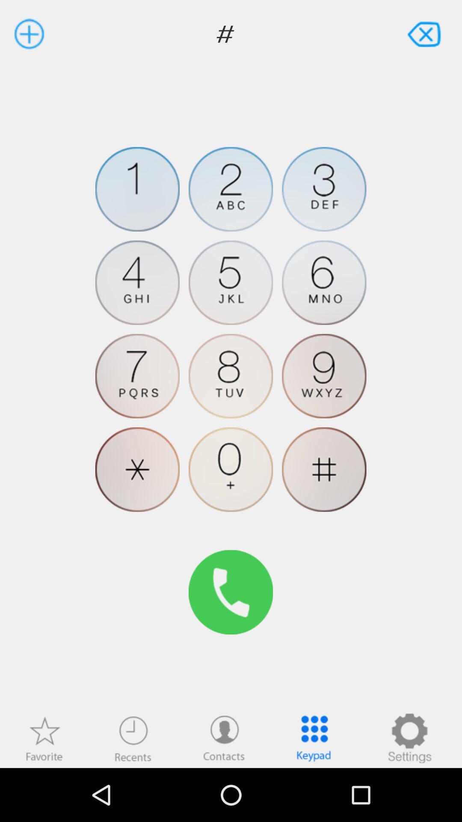 Image resolution: width=462 pixels, height=822 pixels. What do you see at coordinates (314, 738) in the screenshot?
I see `show keypad` at bounding box center [314, 738].